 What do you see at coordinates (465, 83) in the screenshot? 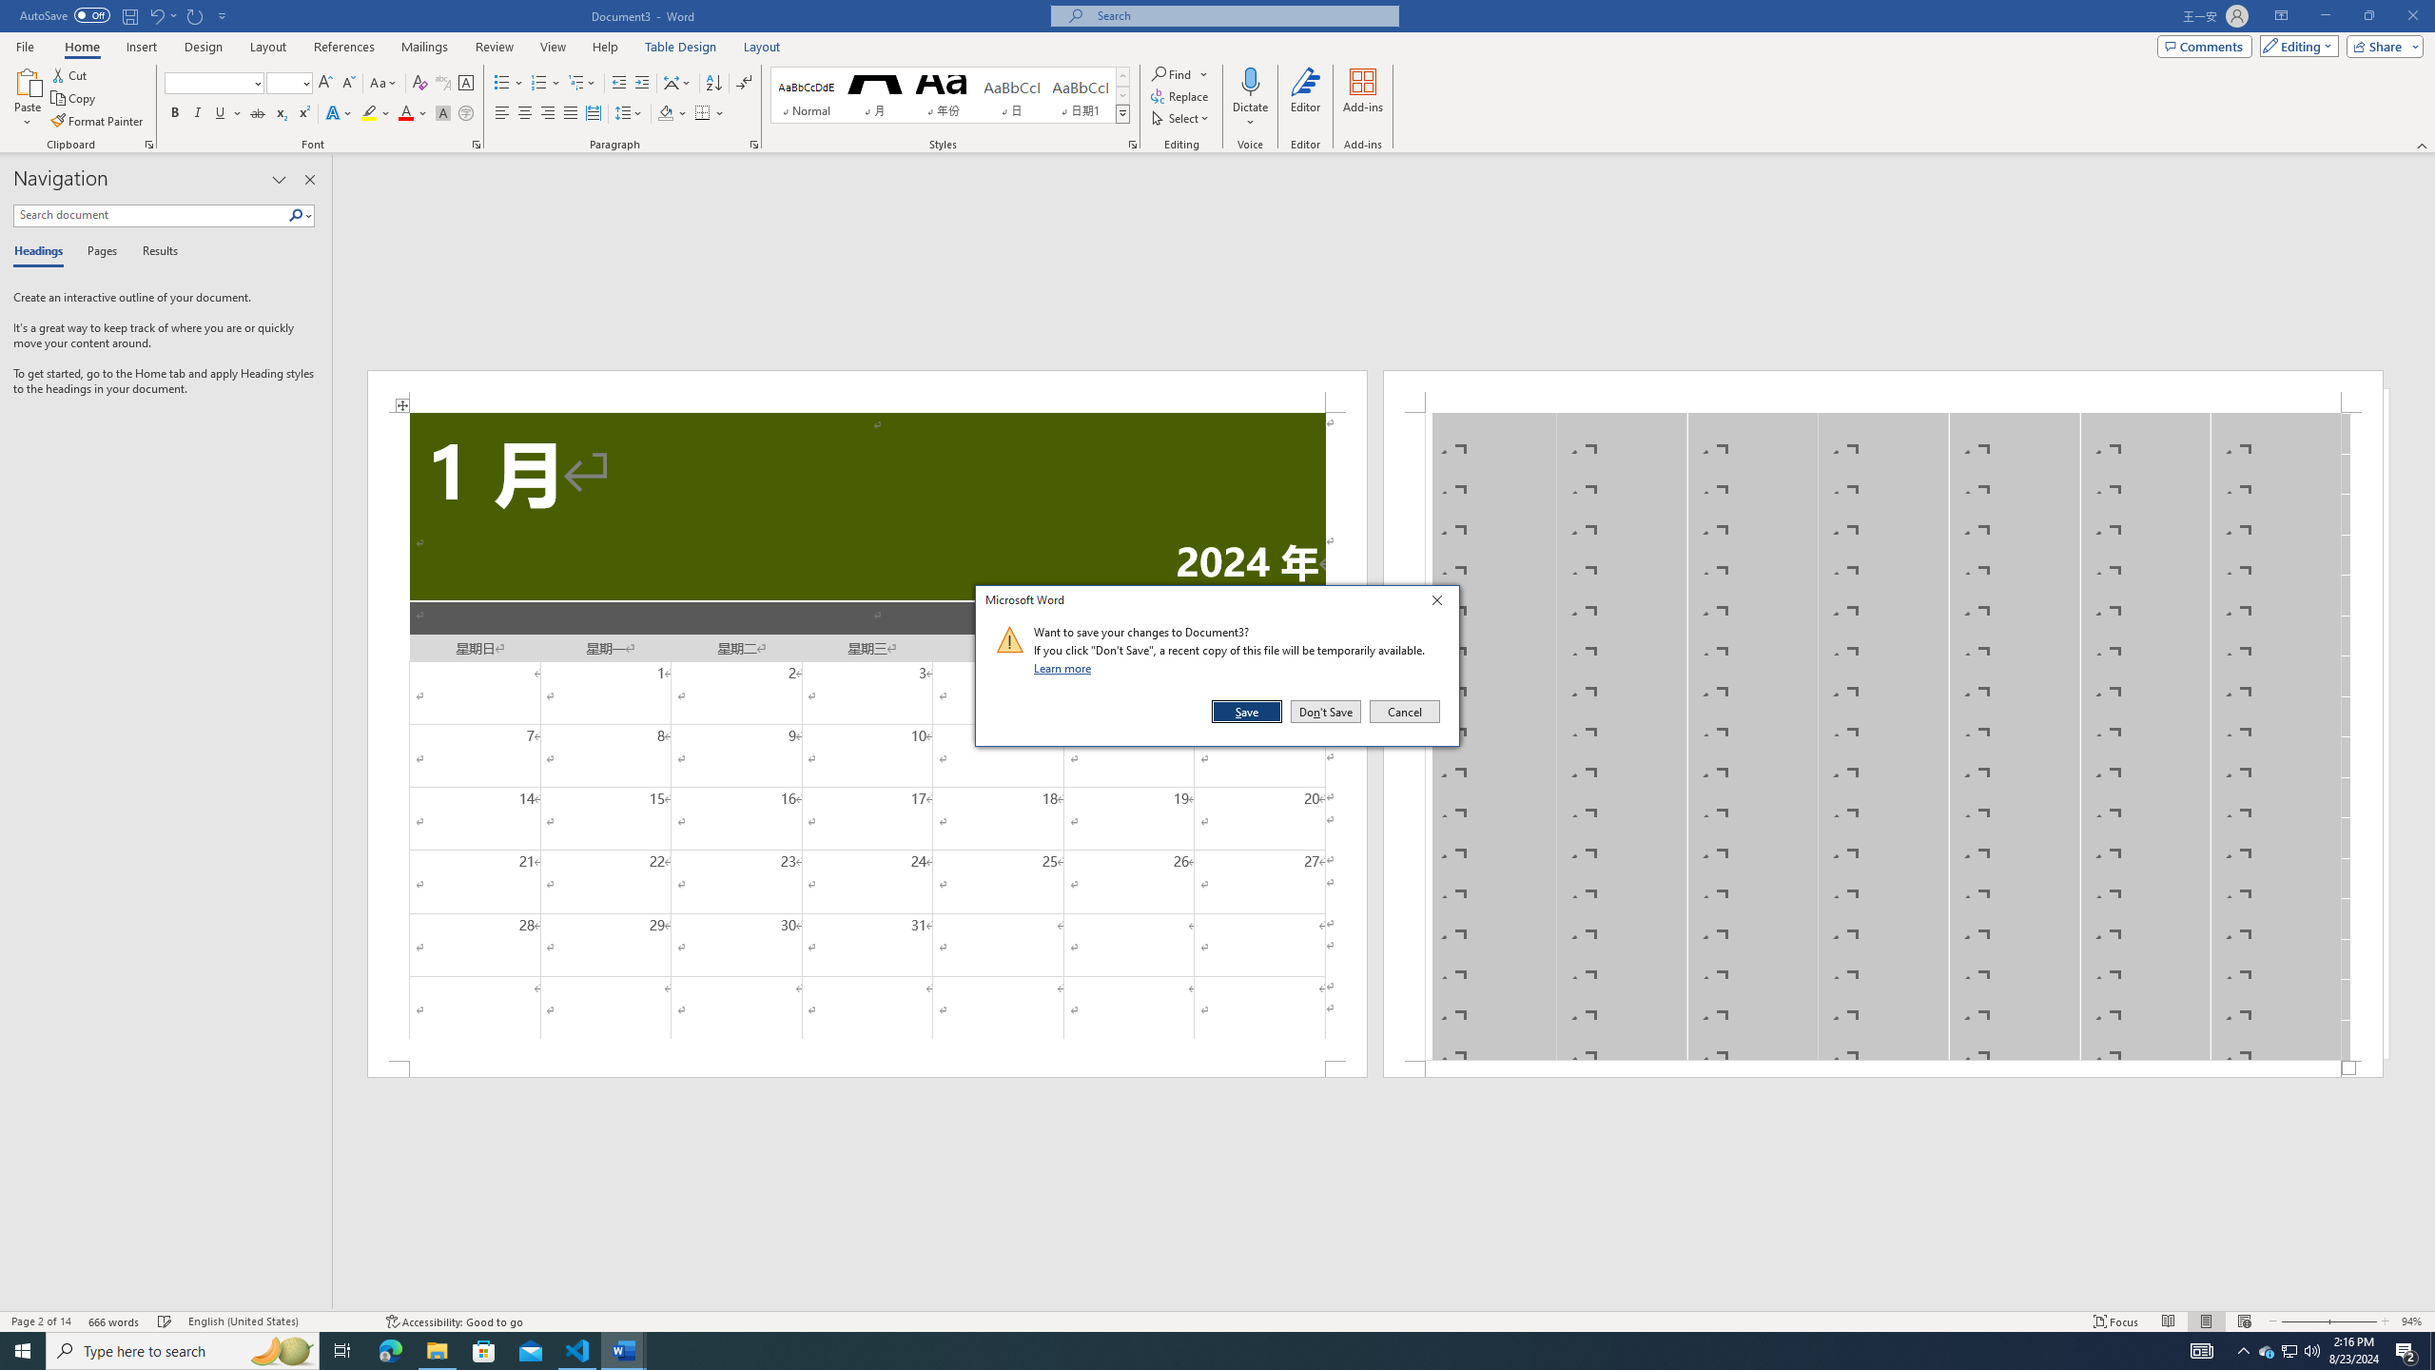
I see `'Character Border'` at bounding box center [465, 83].